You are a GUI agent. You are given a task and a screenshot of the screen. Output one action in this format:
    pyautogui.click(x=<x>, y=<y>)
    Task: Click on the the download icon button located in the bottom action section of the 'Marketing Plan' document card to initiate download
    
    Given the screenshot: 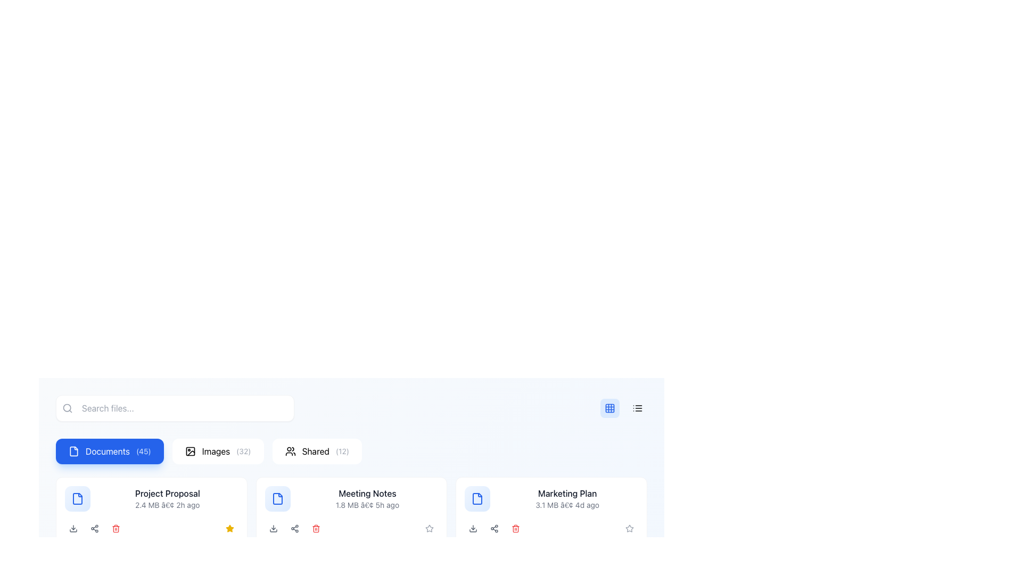 What is the action you would take?
    pyautogui.click(x=473, y=528)
    